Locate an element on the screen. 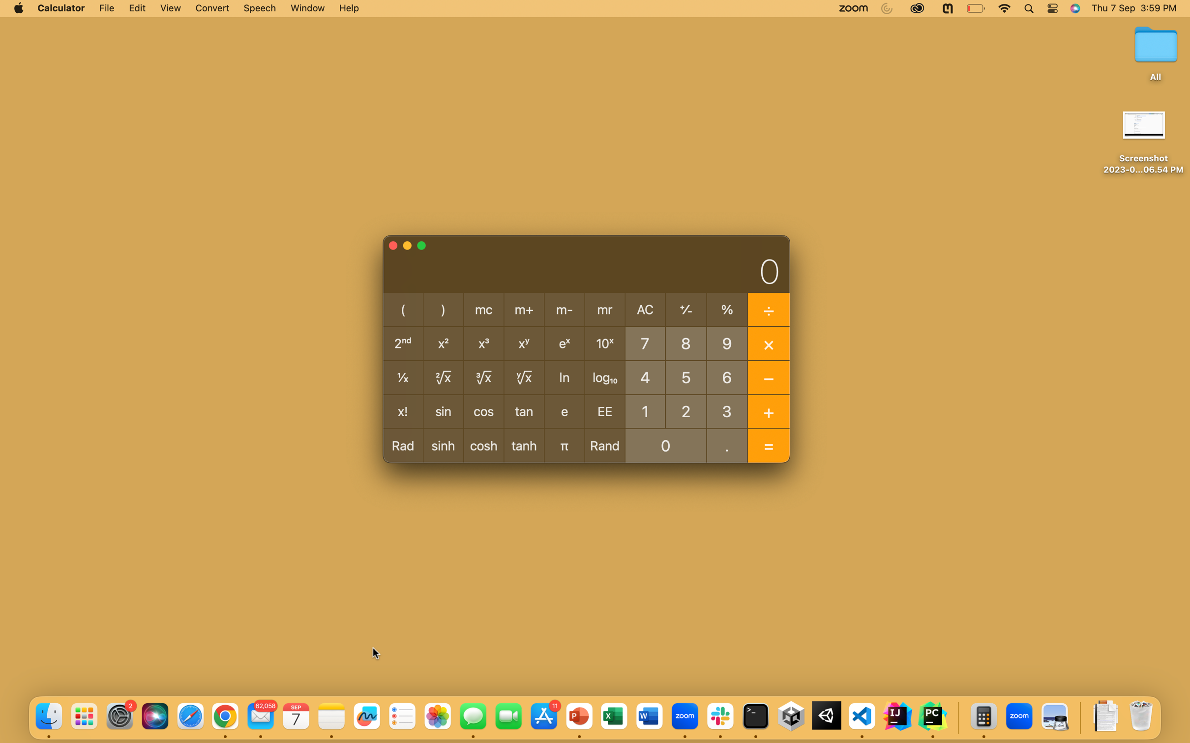 This screenshot has width=1190, height=743. the numbers 3 and 0 and apply the tangent operation is located at coordinates (727, 410).